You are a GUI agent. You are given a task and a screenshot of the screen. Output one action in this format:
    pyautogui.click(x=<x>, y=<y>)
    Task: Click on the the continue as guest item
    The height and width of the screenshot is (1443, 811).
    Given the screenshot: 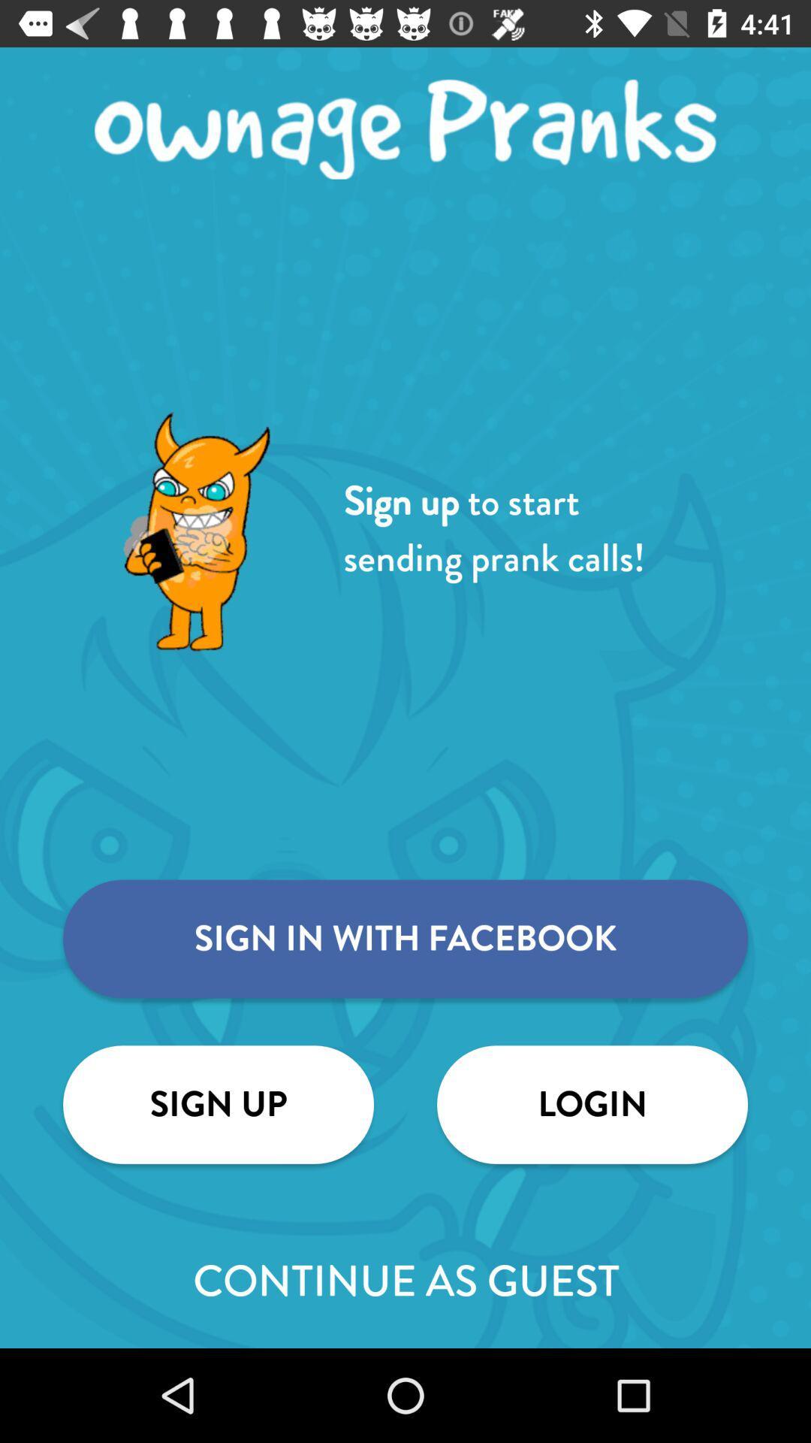 What is the action you would take?
    pyautogui.click(x=406, y=1281)
    